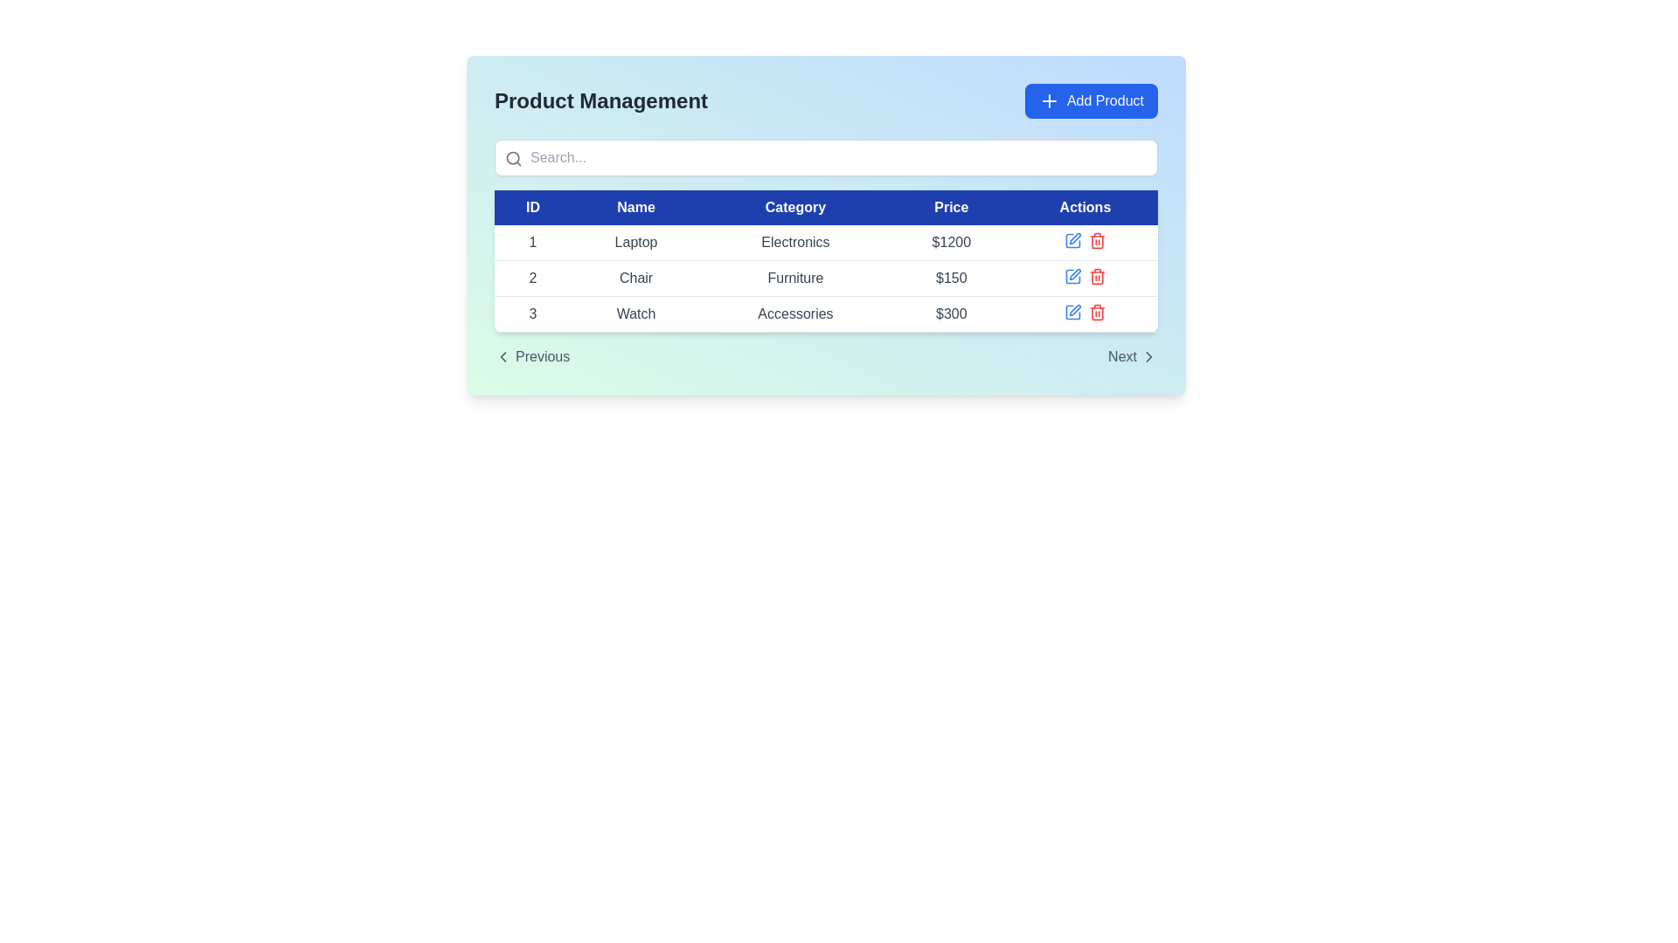 This screenshot has width=1678, height=943. What do you see at coordinates (825, 278) in the screenshot?
I see `the second row of the product management table that displays data for the item with ID '2', named 'Chair', priced at '$150'` at bounding box center [825, 278].